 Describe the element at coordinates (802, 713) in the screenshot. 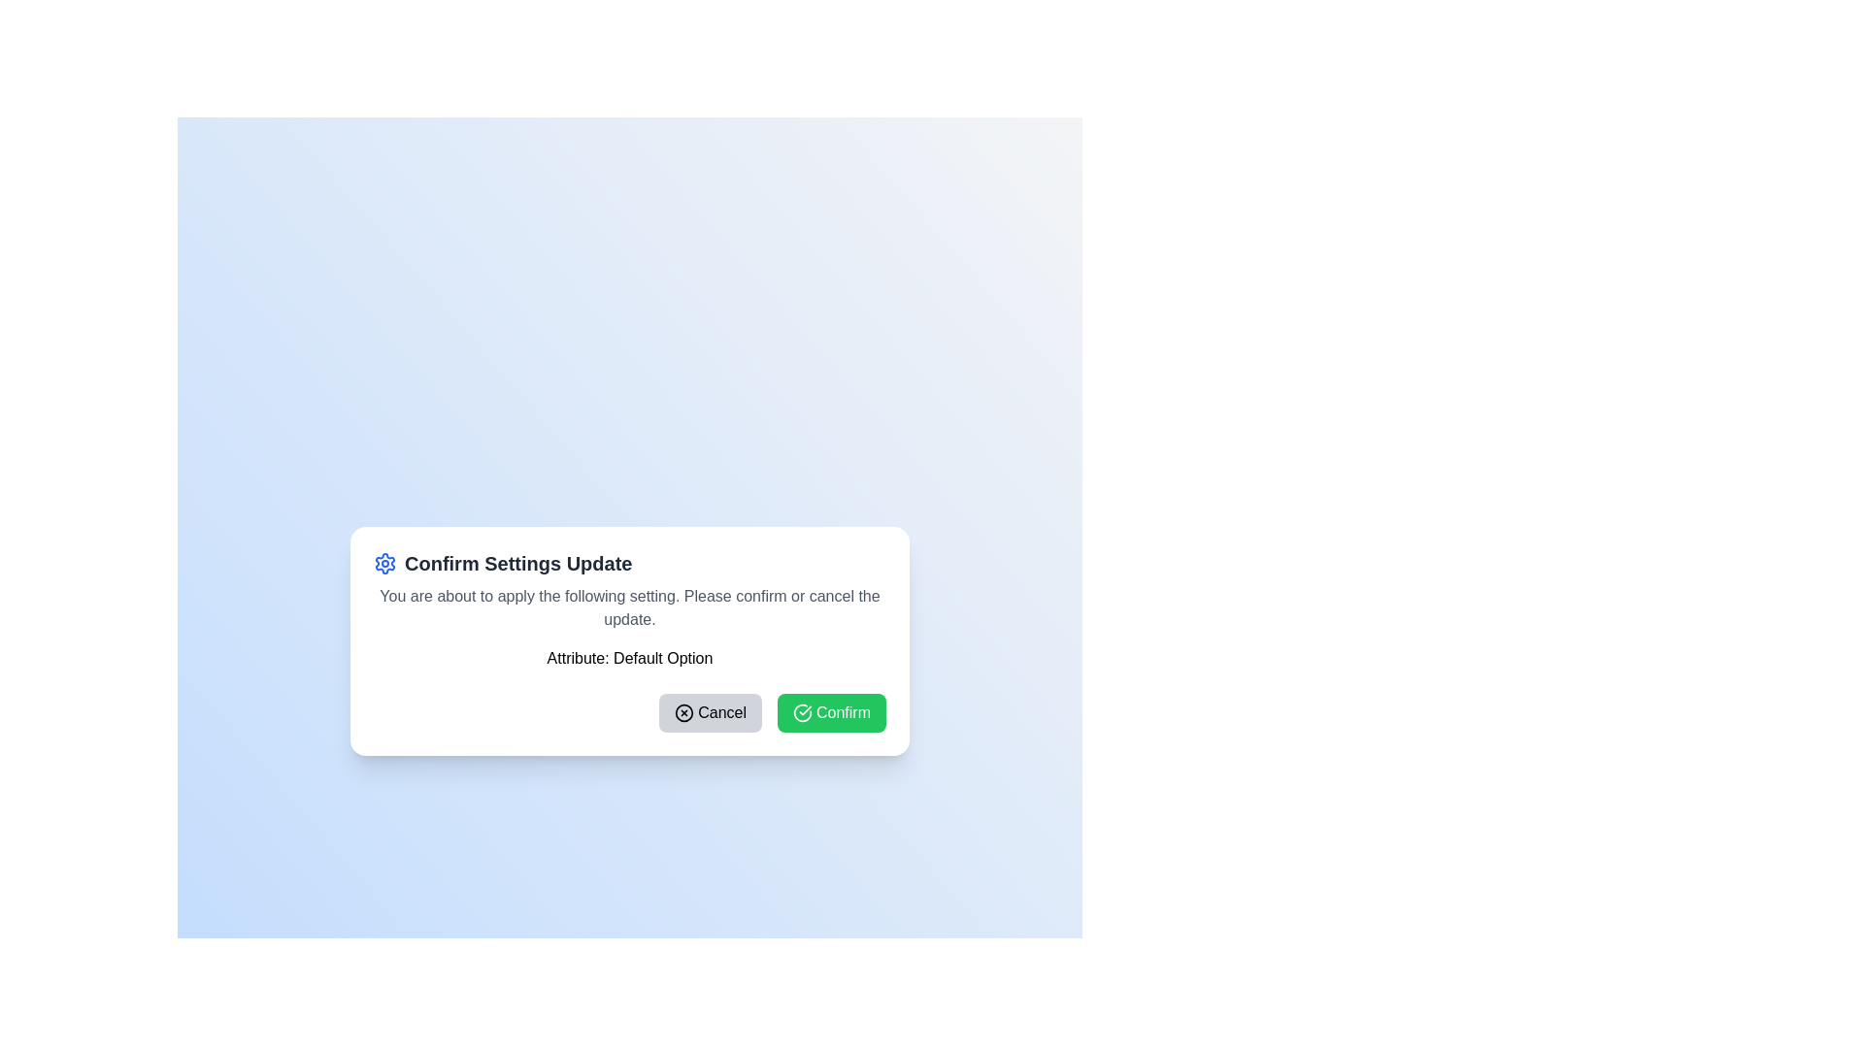

I see `the 'Confirm' button which contains the checkmark icon indicating affirmation or agreement` at that location.